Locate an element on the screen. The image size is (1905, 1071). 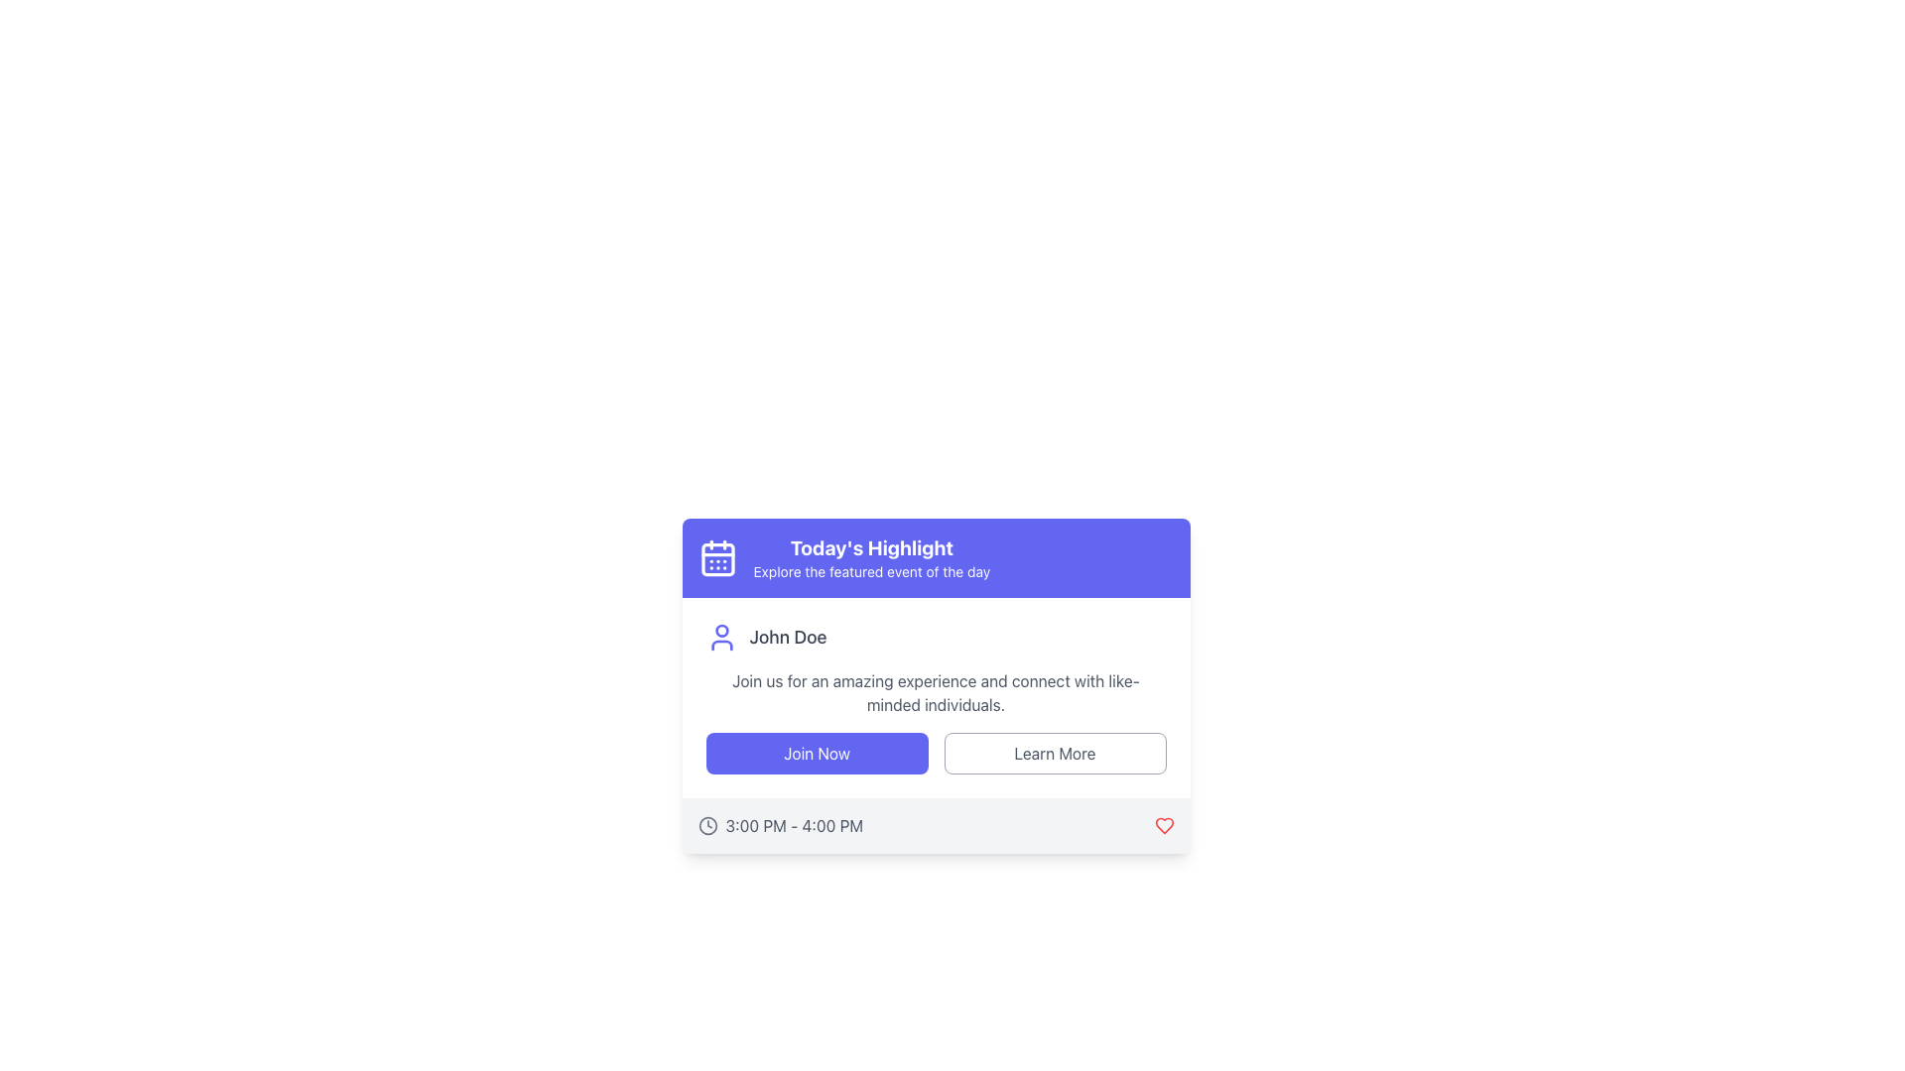
the text label displaying the scheduled time for an event on the card interface, located at the bottom center right, next to a clock icon is located at coordinates (794, 826).